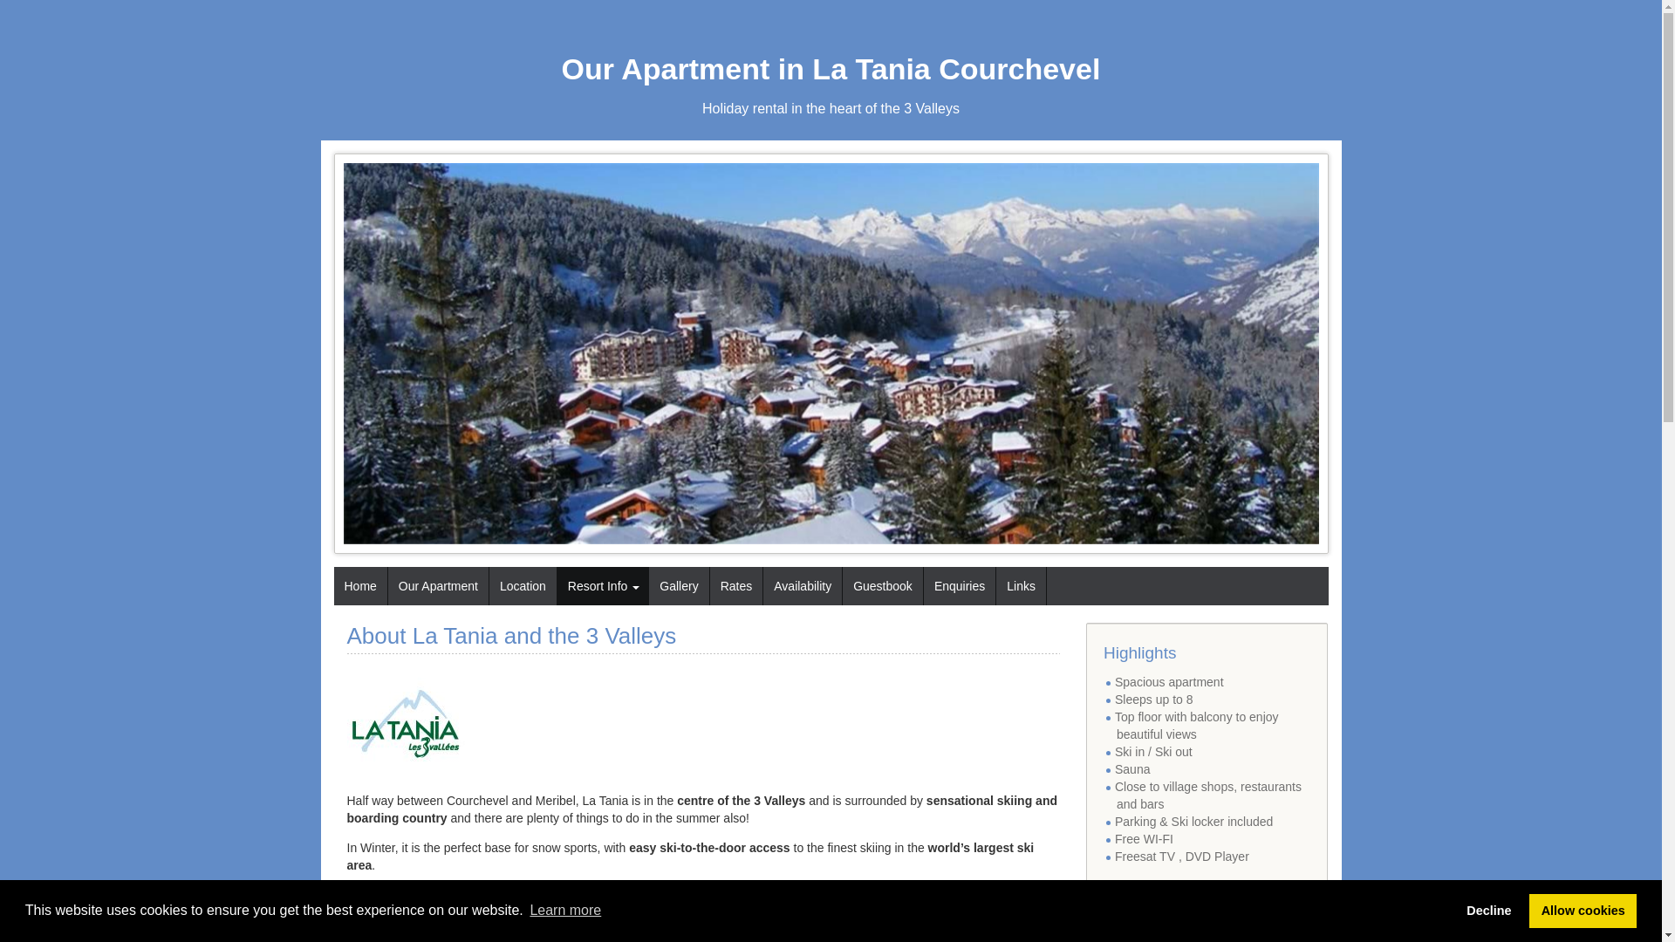 This screenshot has width=1675, height=942. I want to click on 'Resort Info', so click(603, 585).